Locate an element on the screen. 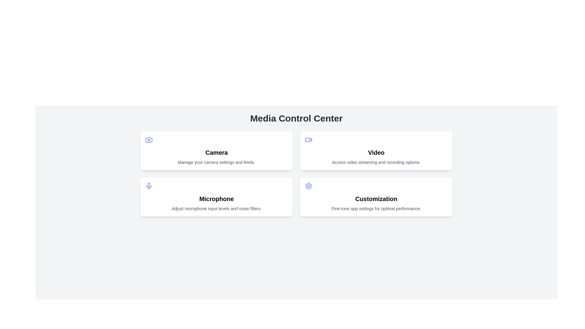 This screenshot has height=329, width=585. the video icon located in the top-left corner of the 'Video' card, which symbolizes video streaming or recording functionality is located at coordinates (308, 140).